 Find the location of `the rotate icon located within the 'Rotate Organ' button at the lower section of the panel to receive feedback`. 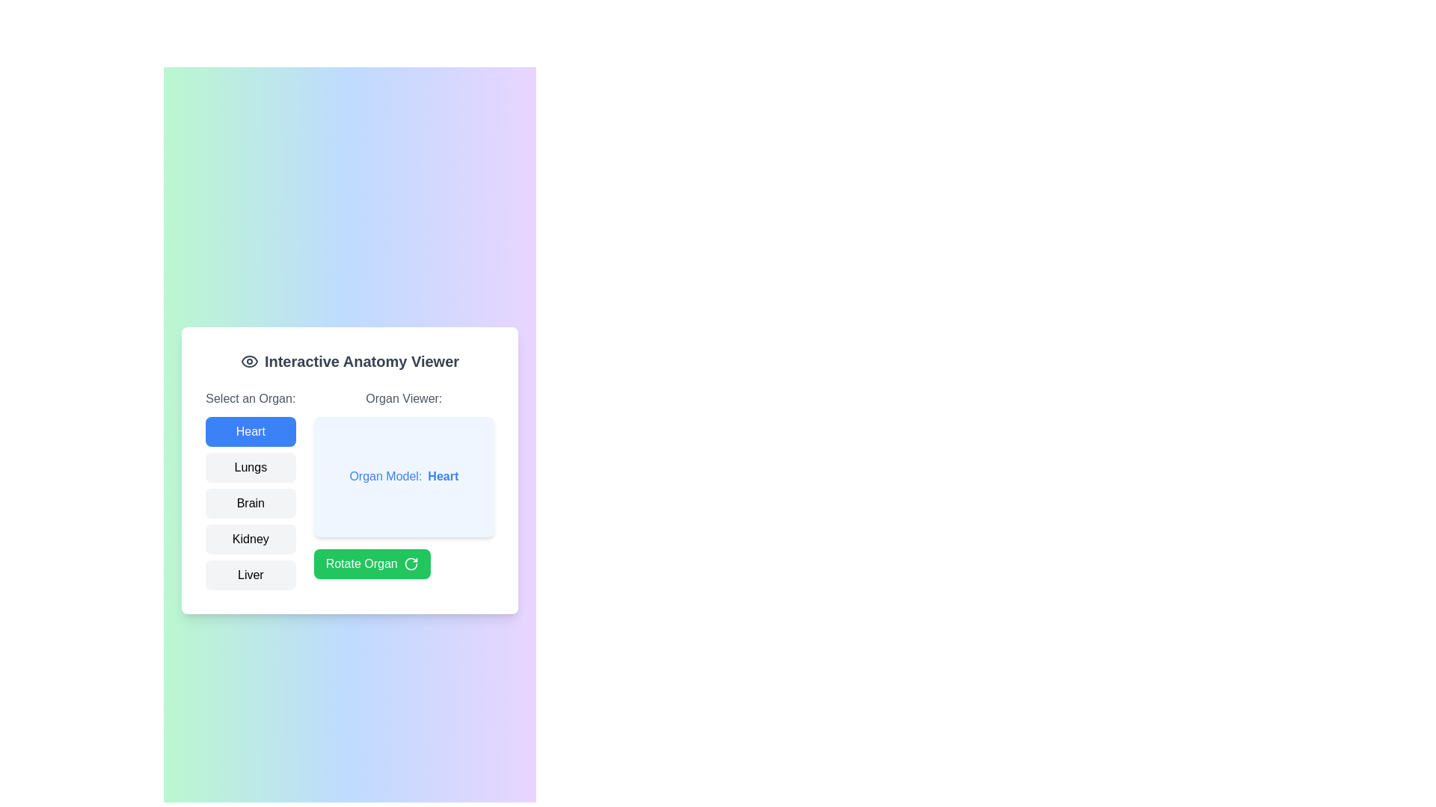

the rotate icon located within the 'Rotate Organ' button at the lower section of the panel to receive feedback is located at coordinates (411, 563).